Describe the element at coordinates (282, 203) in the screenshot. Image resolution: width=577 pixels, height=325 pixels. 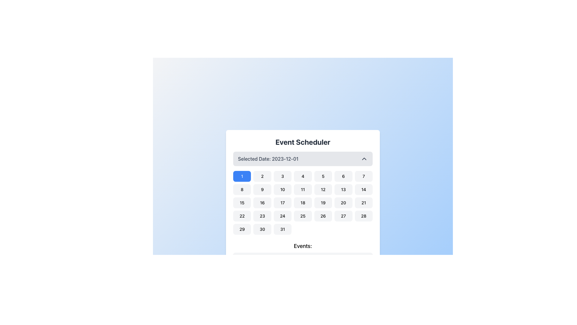
I see `the button displaying the number '17' in the calendar grid under the 'Event Scheduler' heading` at that location.